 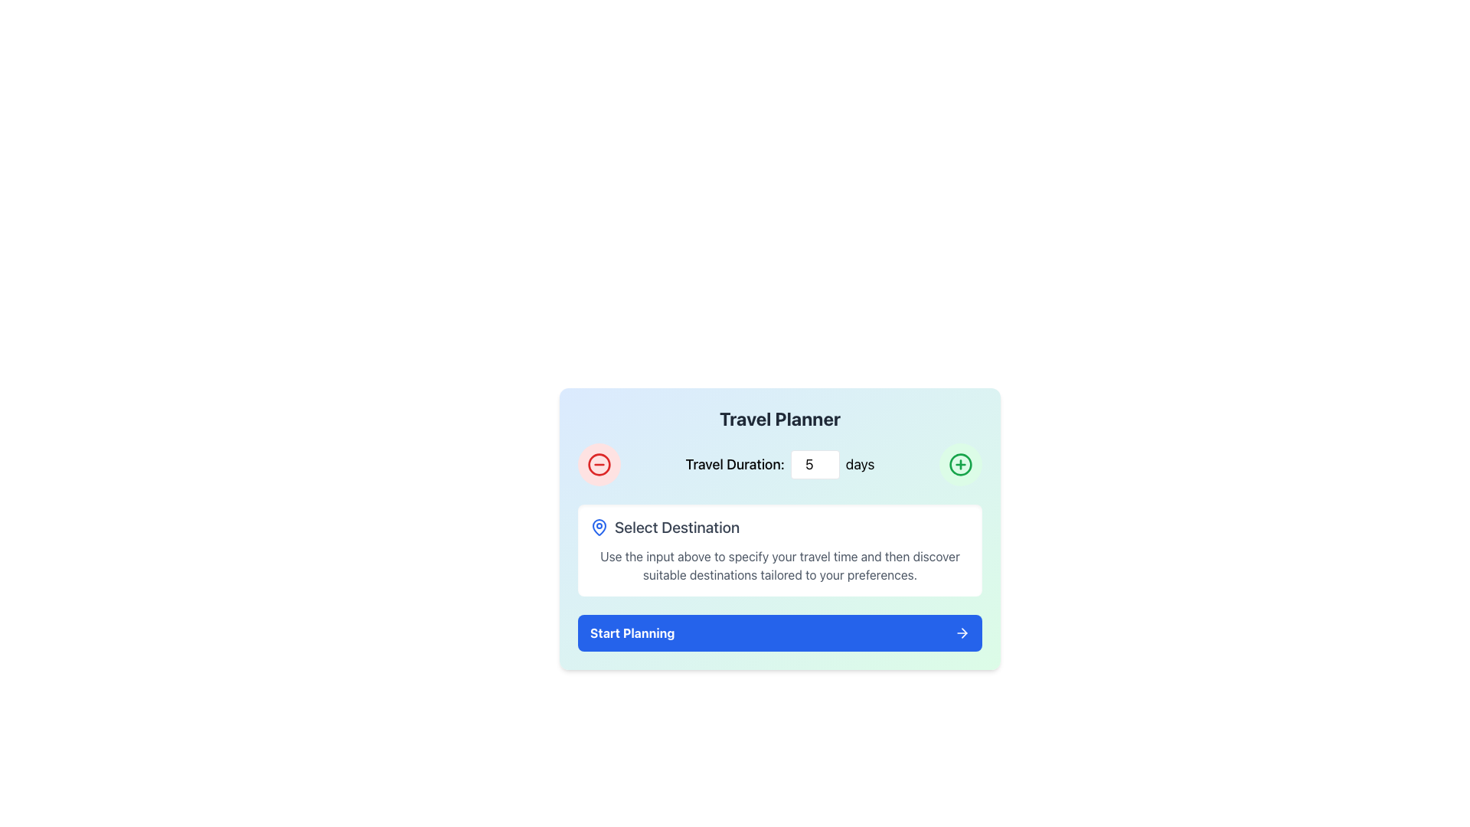 I want to click on the circular green button with a green-plus icon located in the top-right corner of the 'Travel Duration' section to increment the associated value, so click(x=959, y=463).